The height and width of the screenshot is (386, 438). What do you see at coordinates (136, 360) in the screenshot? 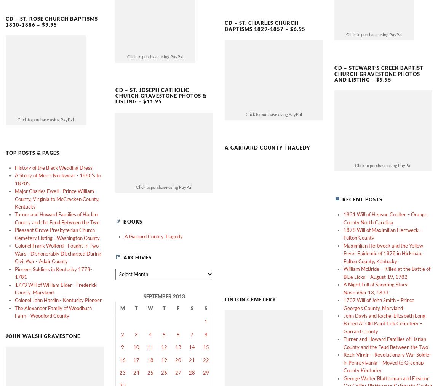
I see `'24'` at bounding box center [136, 360].